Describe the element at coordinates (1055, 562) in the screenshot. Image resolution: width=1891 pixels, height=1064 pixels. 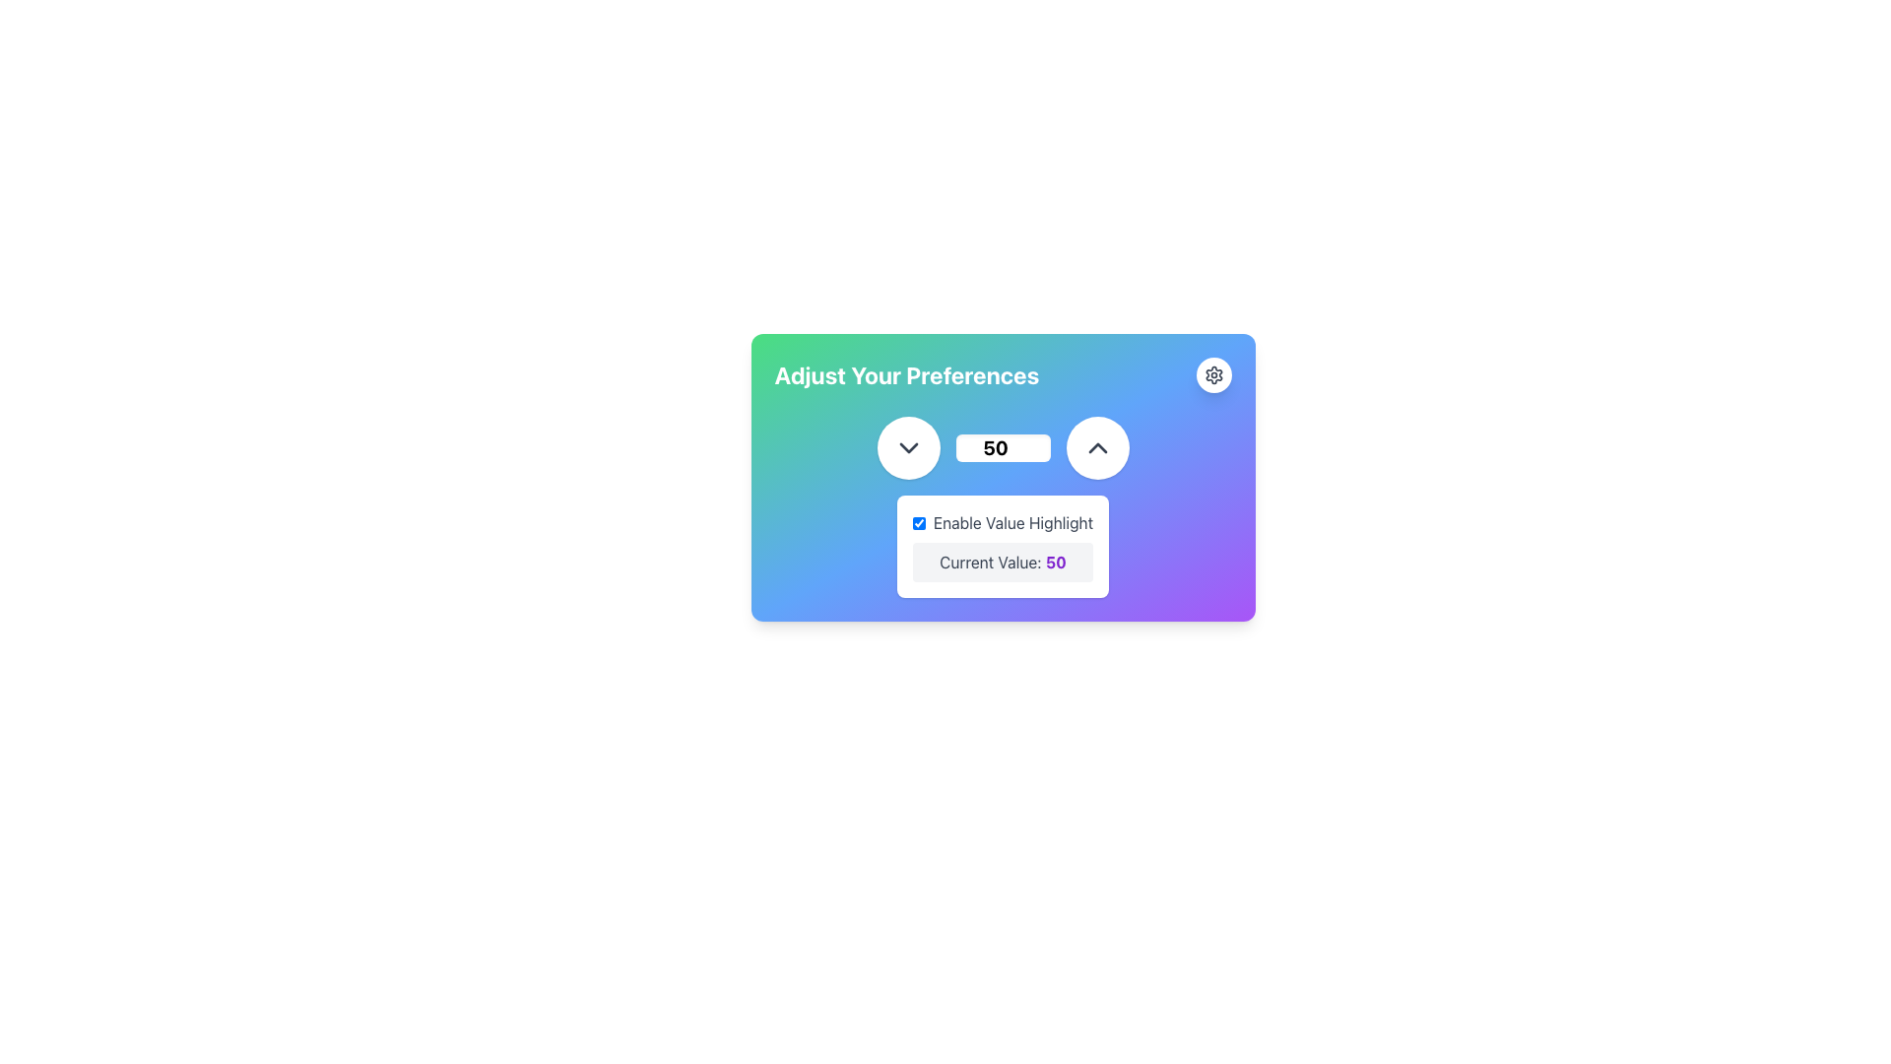
I see `the bold-styled text displaying the purple number '50', which is part of the label 'Current Value: 50', located towards the bottom center of the interface` at that location.